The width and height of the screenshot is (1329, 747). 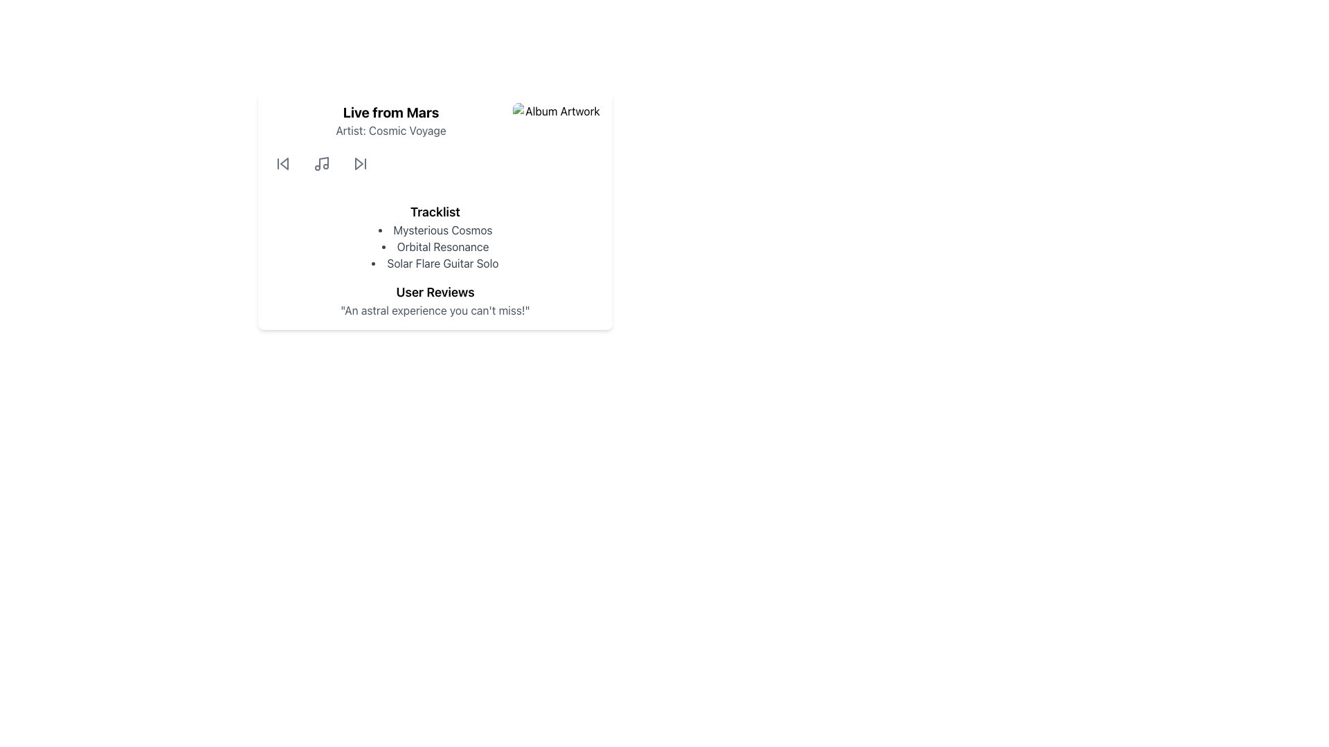 What do you see at coordinates (282, 163) in the screenshot?
I see `the backward skip button, which is a gray leftward arrow icon adjacent to a vertical line, located in the first position of a horizontal group of three buttons below the album title` at bounding box center [282, 163].